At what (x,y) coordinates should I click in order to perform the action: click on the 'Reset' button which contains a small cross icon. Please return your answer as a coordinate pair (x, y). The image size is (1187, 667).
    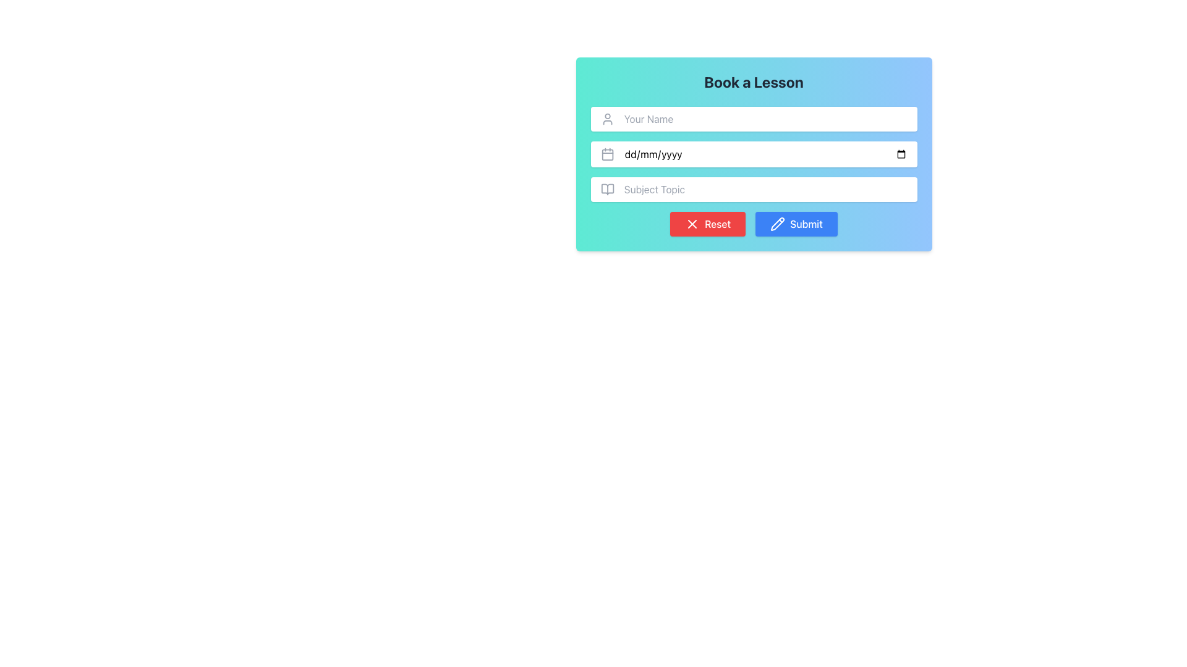
    Looking at the image, I should click on (692, 224).